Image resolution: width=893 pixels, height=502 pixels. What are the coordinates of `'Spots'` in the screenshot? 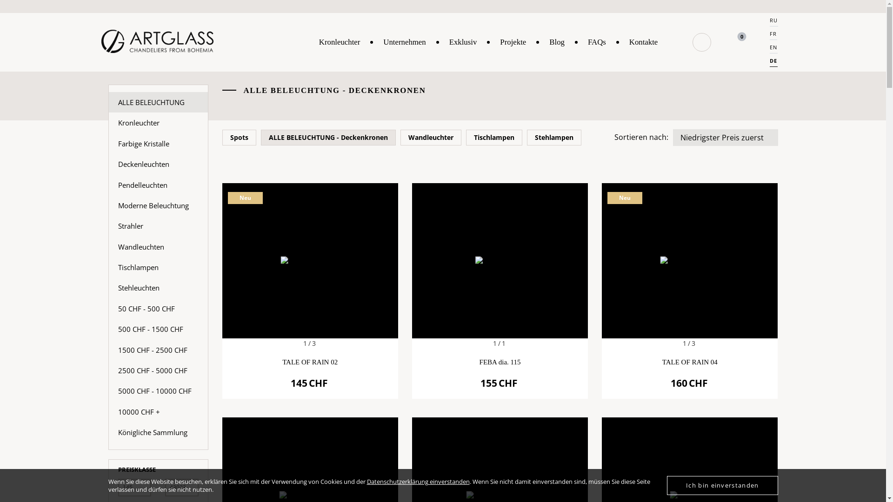 It's located at (239, 137).